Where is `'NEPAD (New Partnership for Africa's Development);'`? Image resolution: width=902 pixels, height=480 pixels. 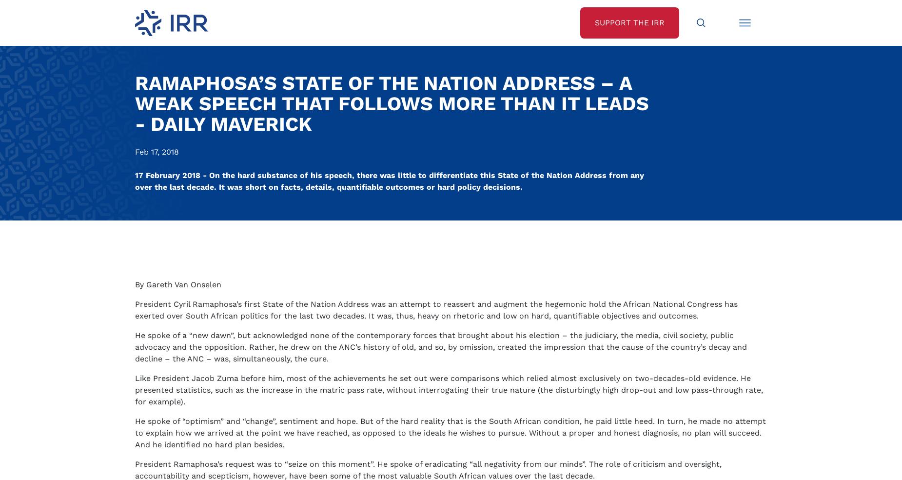
'NEPAD (New Partnership for Africa's Development);' is located at coordinates (249, 300).